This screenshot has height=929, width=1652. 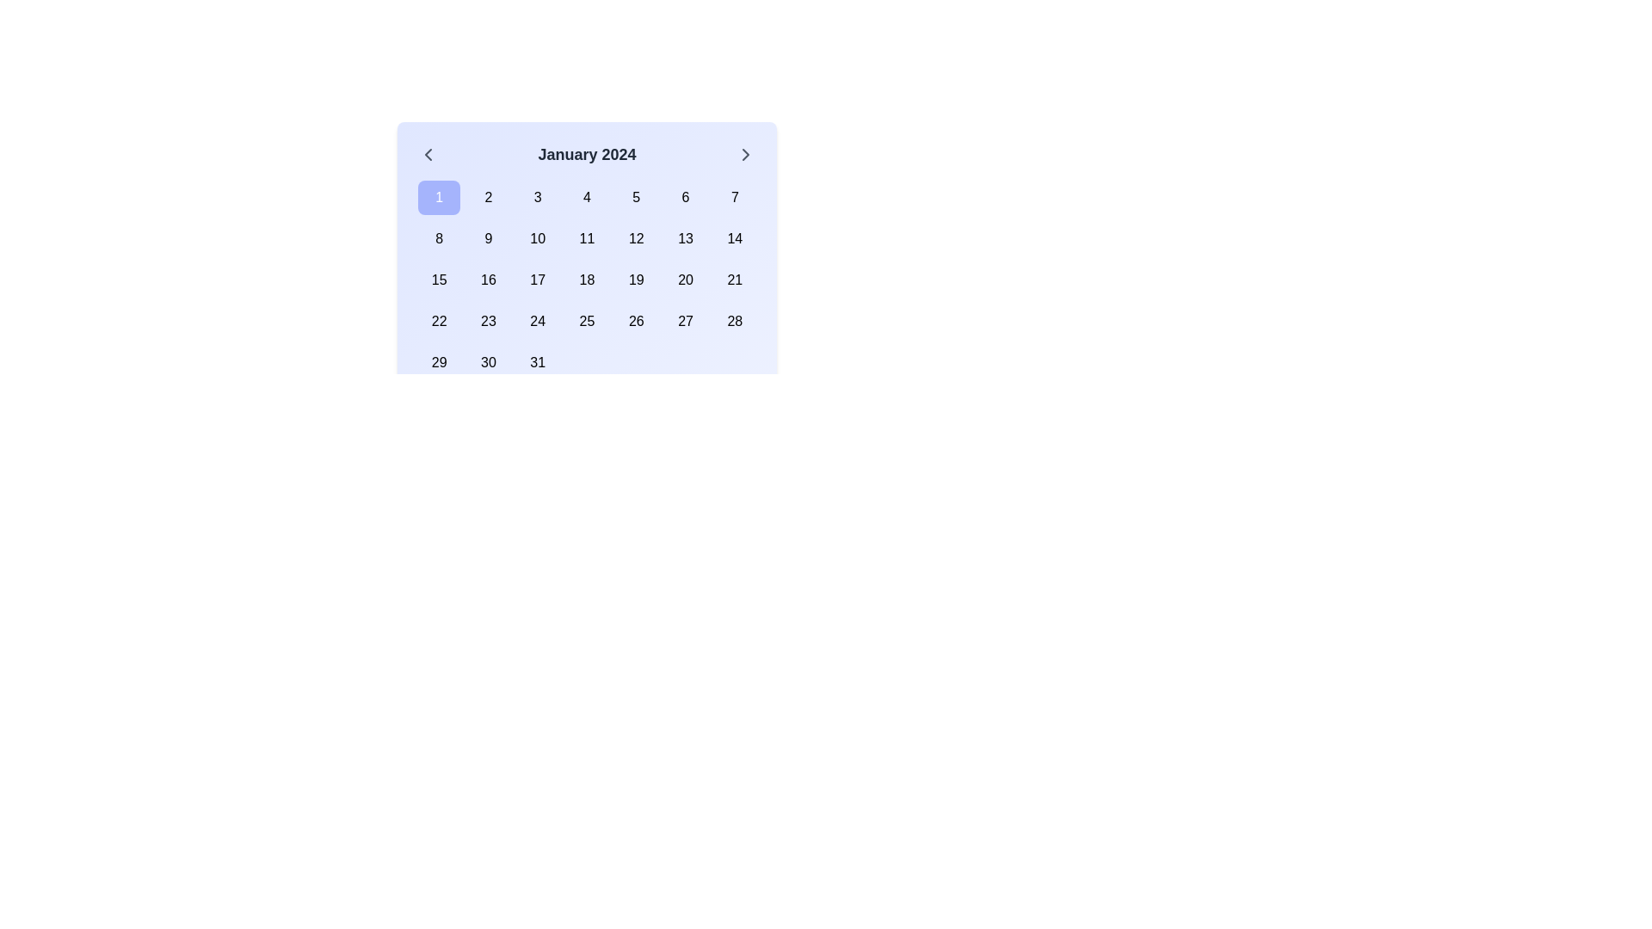 What do you see at coordinates (635, 280) in the screenshot?
I see `the button displaying the number '19' in the calendar grid` at bounding box center [635, 280].